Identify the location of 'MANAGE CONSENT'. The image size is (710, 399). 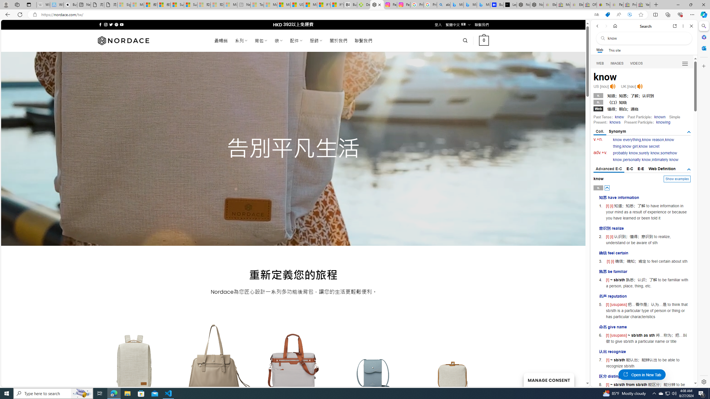
(548, 380).